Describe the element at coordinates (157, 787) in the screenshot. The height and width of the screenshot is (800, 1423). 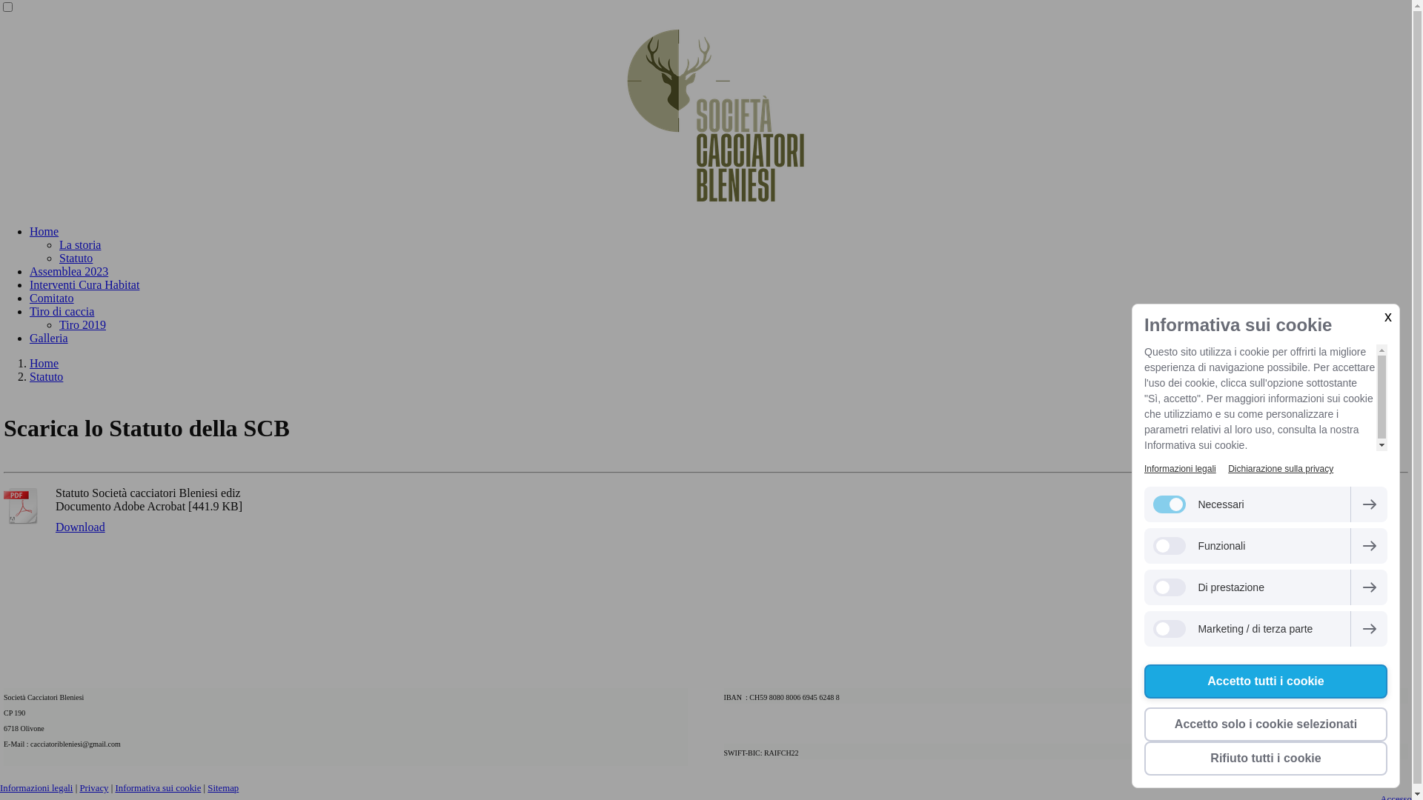
I see `'Informativa sui cookie'` at that location.